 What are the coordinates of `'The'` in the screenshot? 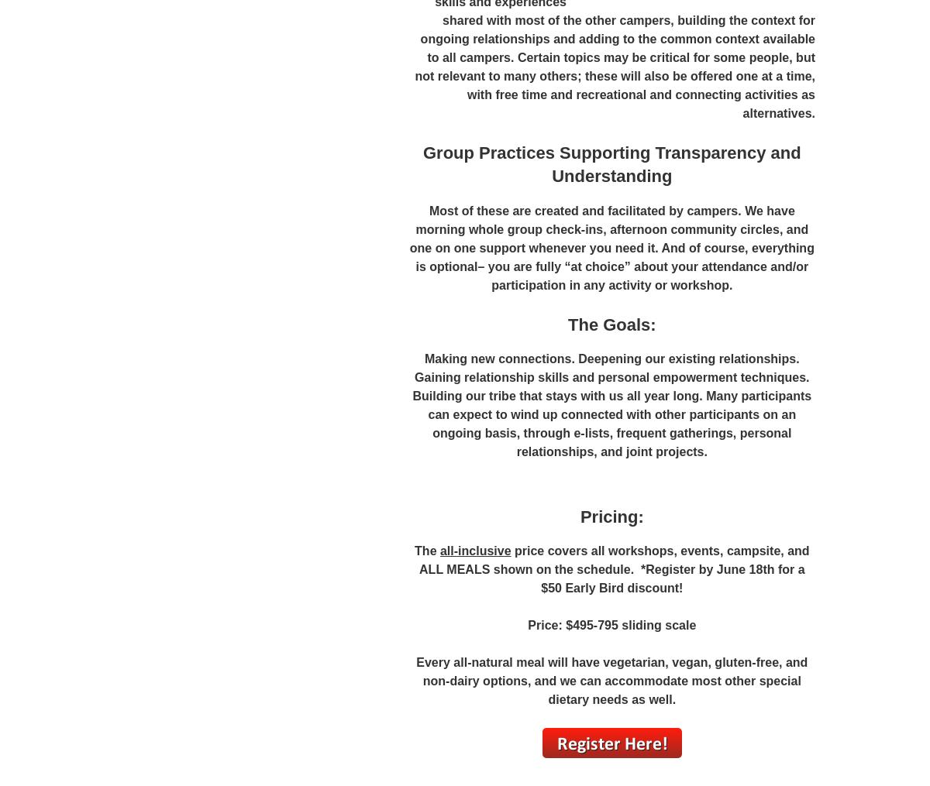 It's located at (426, 551).